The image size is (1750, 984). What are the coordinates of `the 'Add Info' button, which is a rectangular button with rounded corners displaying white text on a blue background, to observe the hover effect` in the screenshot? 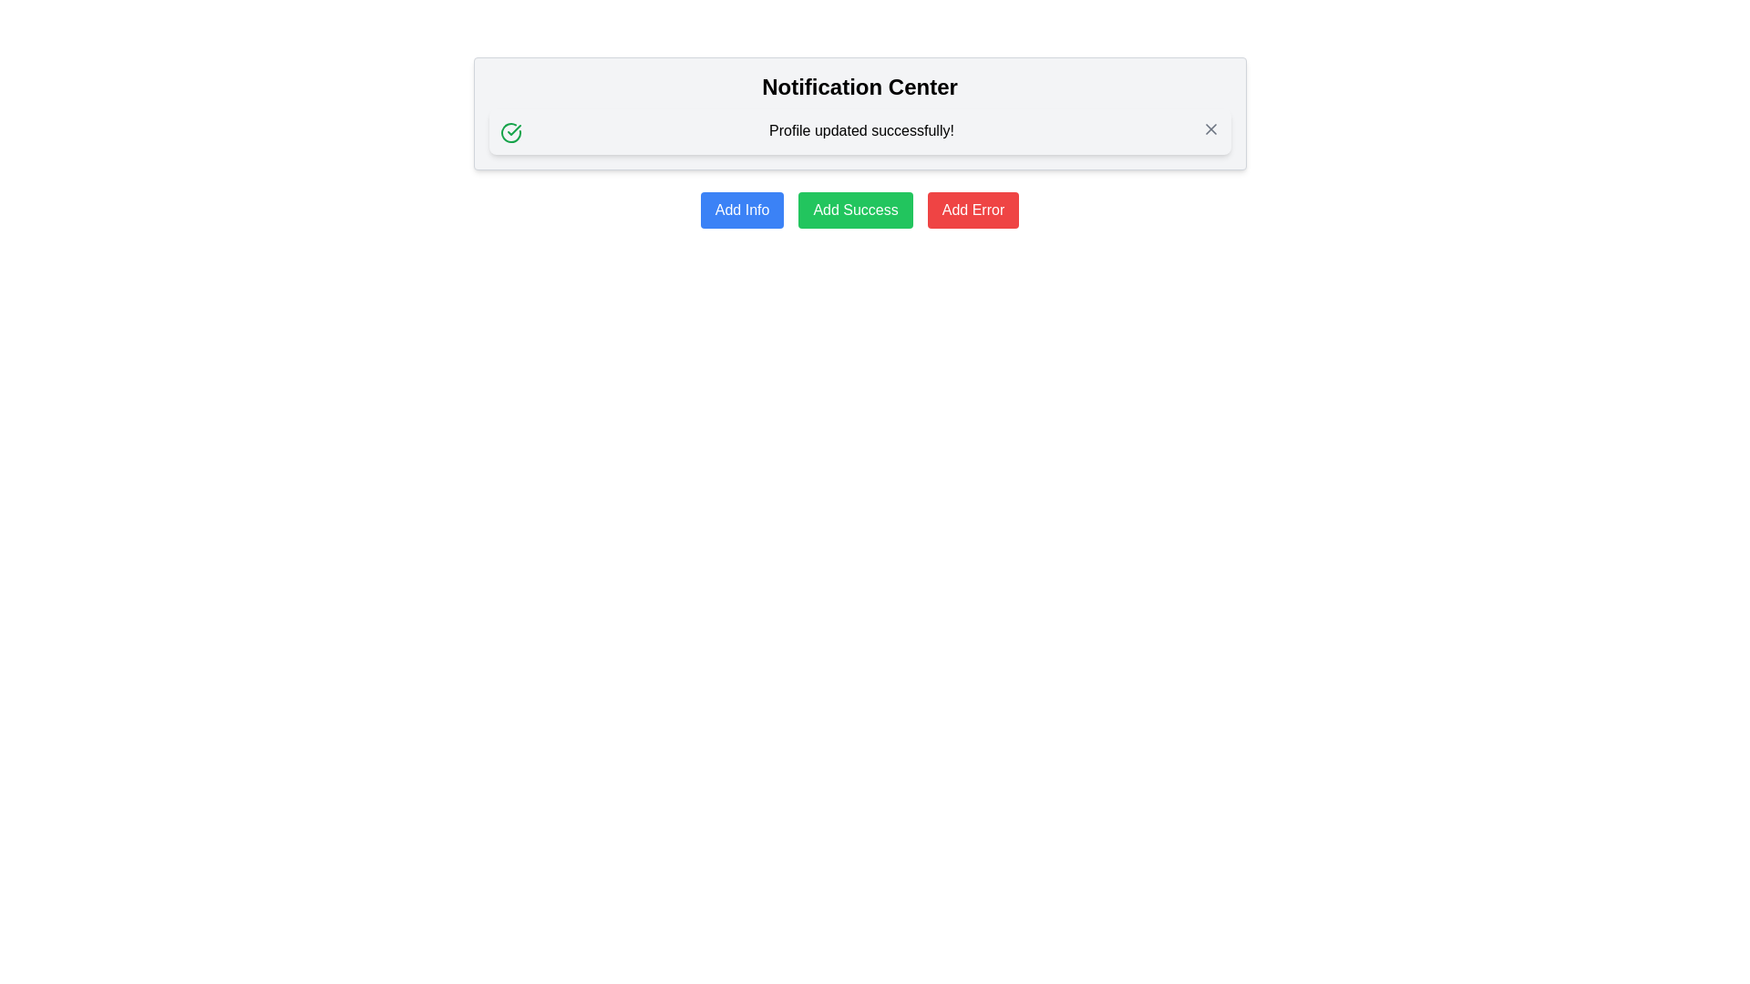 It's located at (742, 210).